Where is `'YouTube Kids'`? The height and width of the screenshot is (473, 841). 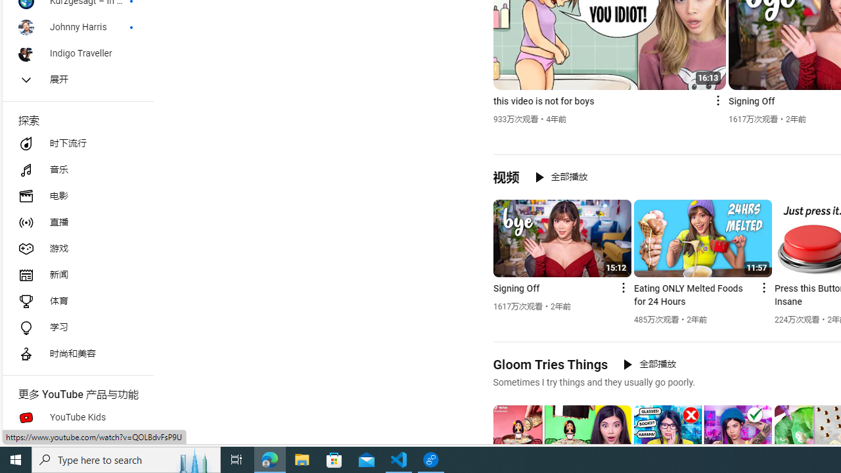 'YouTube Kids' is located at coordinates (76, 418).